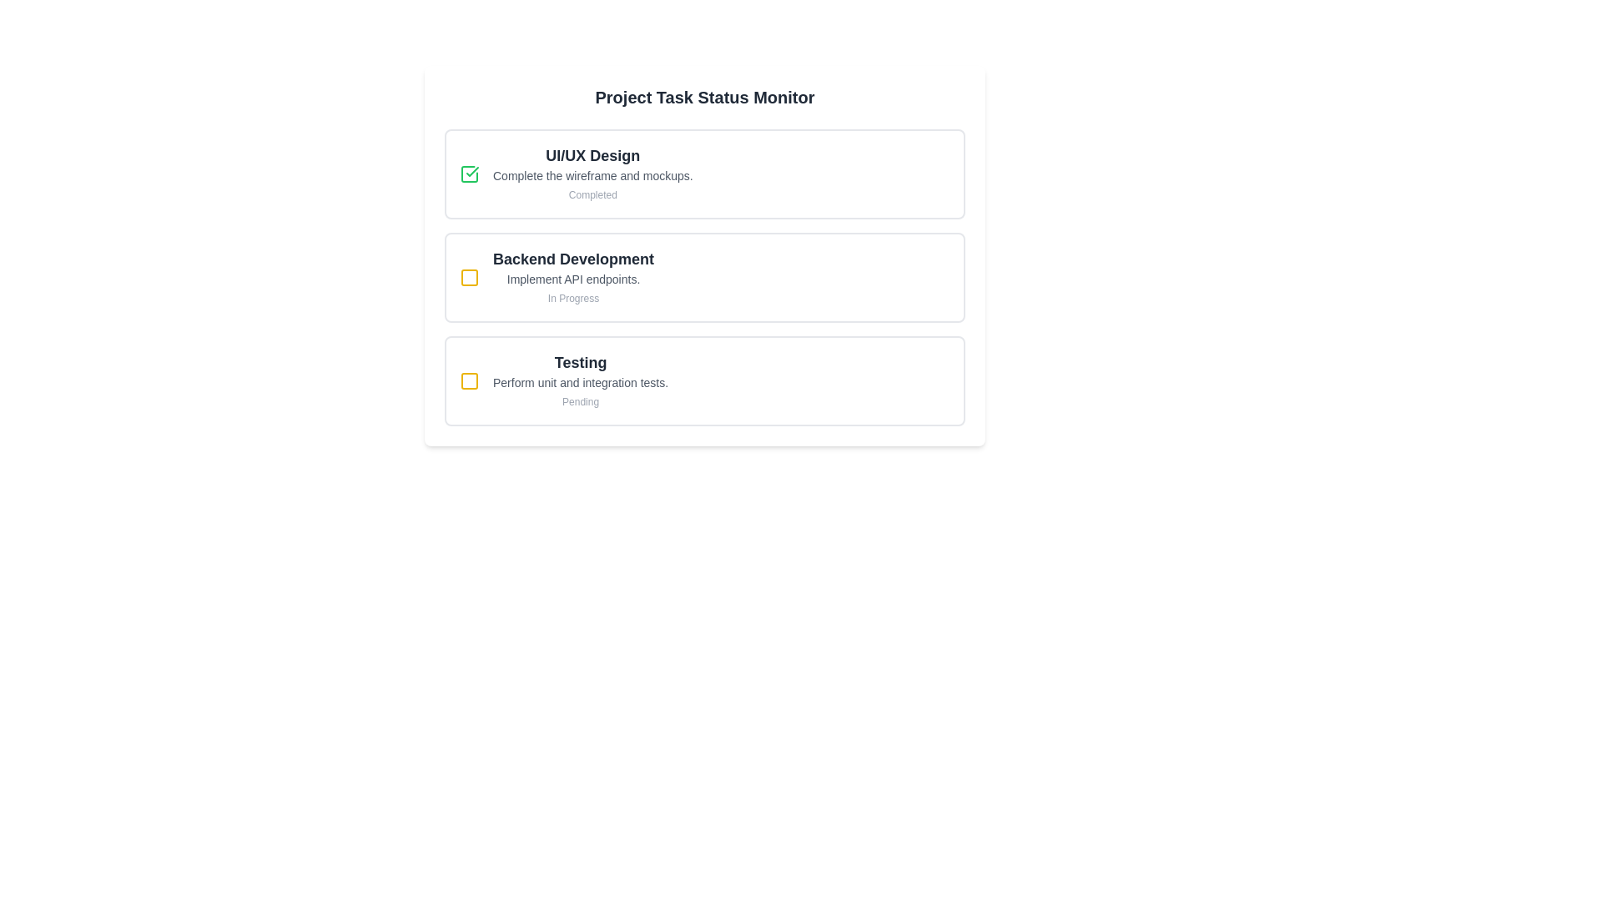  What do you see at coordinates (468, 276) in the screenshot?
I see `the 'Pending' or 'In Progress' state icon located to the immediate left of the 'Backend Development' text section and above the 'Testing' section` at bounding box center [468, 276].